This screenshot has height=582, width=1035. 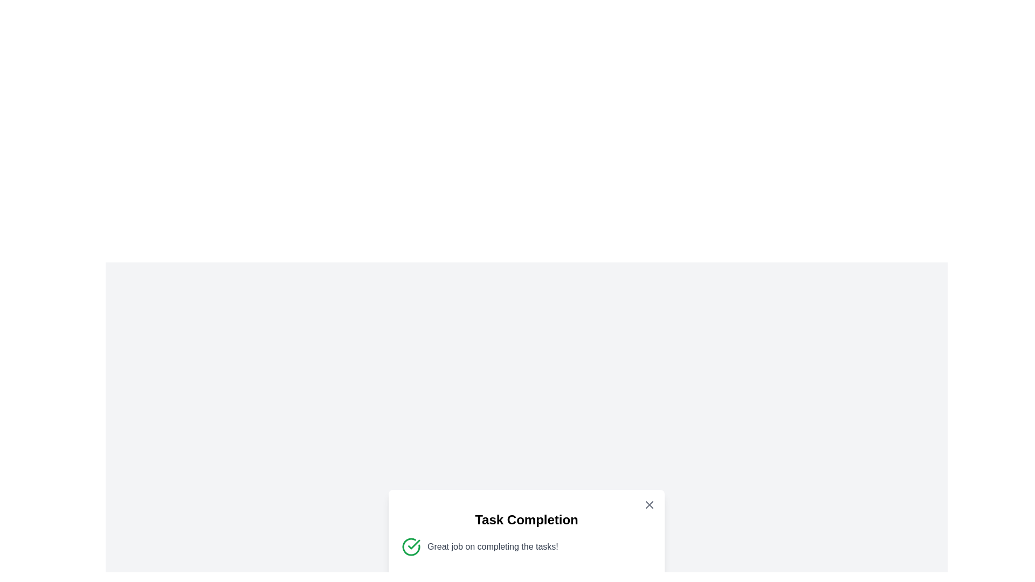 What do you see at coordinates (426, 540) in the screenshot?
I see `the text 'Great job on completing the tasks!' within the dialog` at bounding box center [426, 540].